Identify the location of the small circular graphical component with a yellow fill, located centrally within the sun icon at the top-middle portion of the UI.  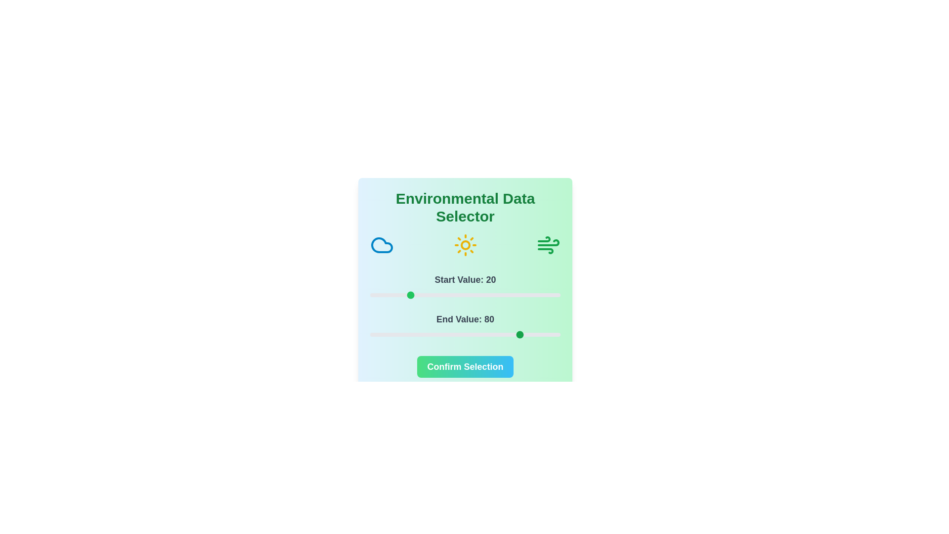
(465, 245).